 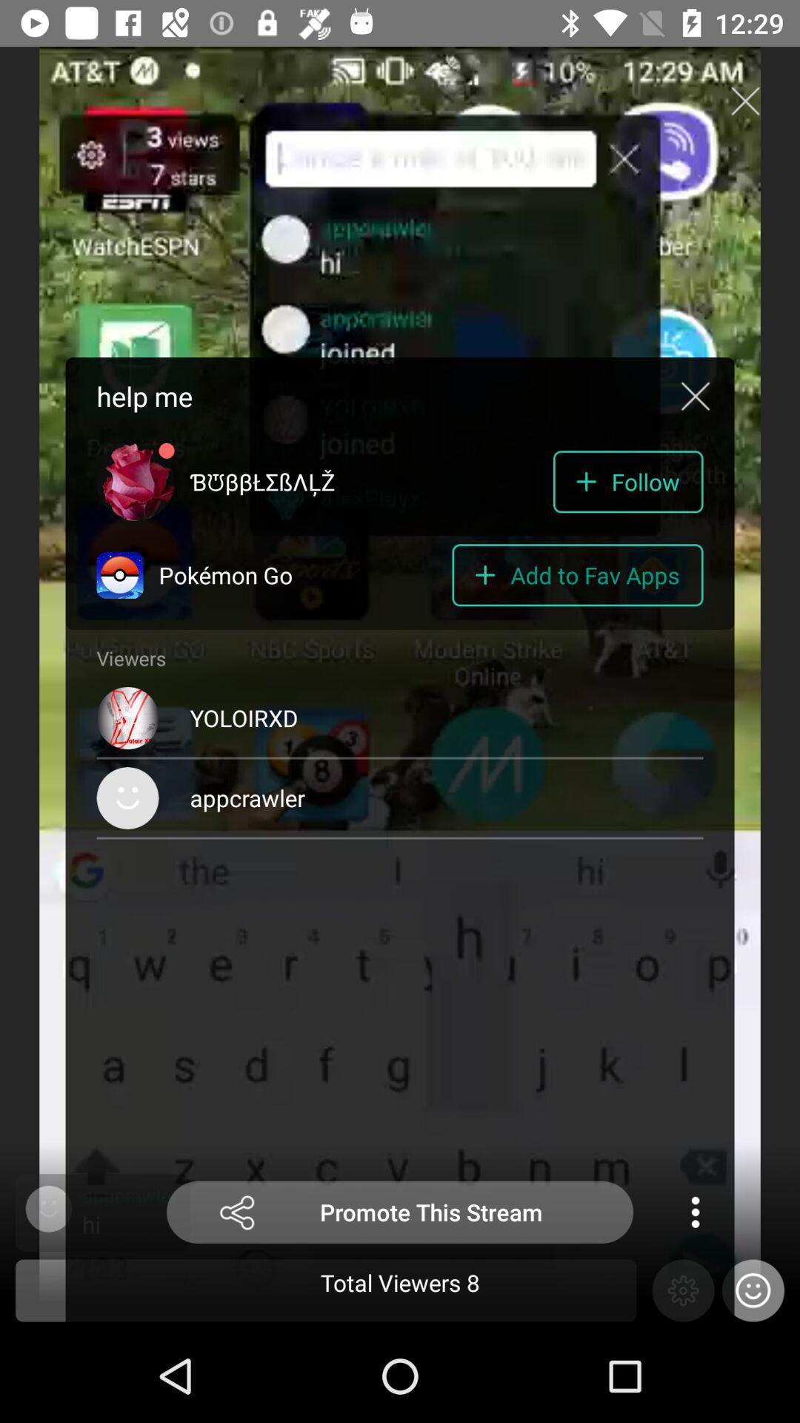 I want to click on the close icon, so click(x=695, y=396).